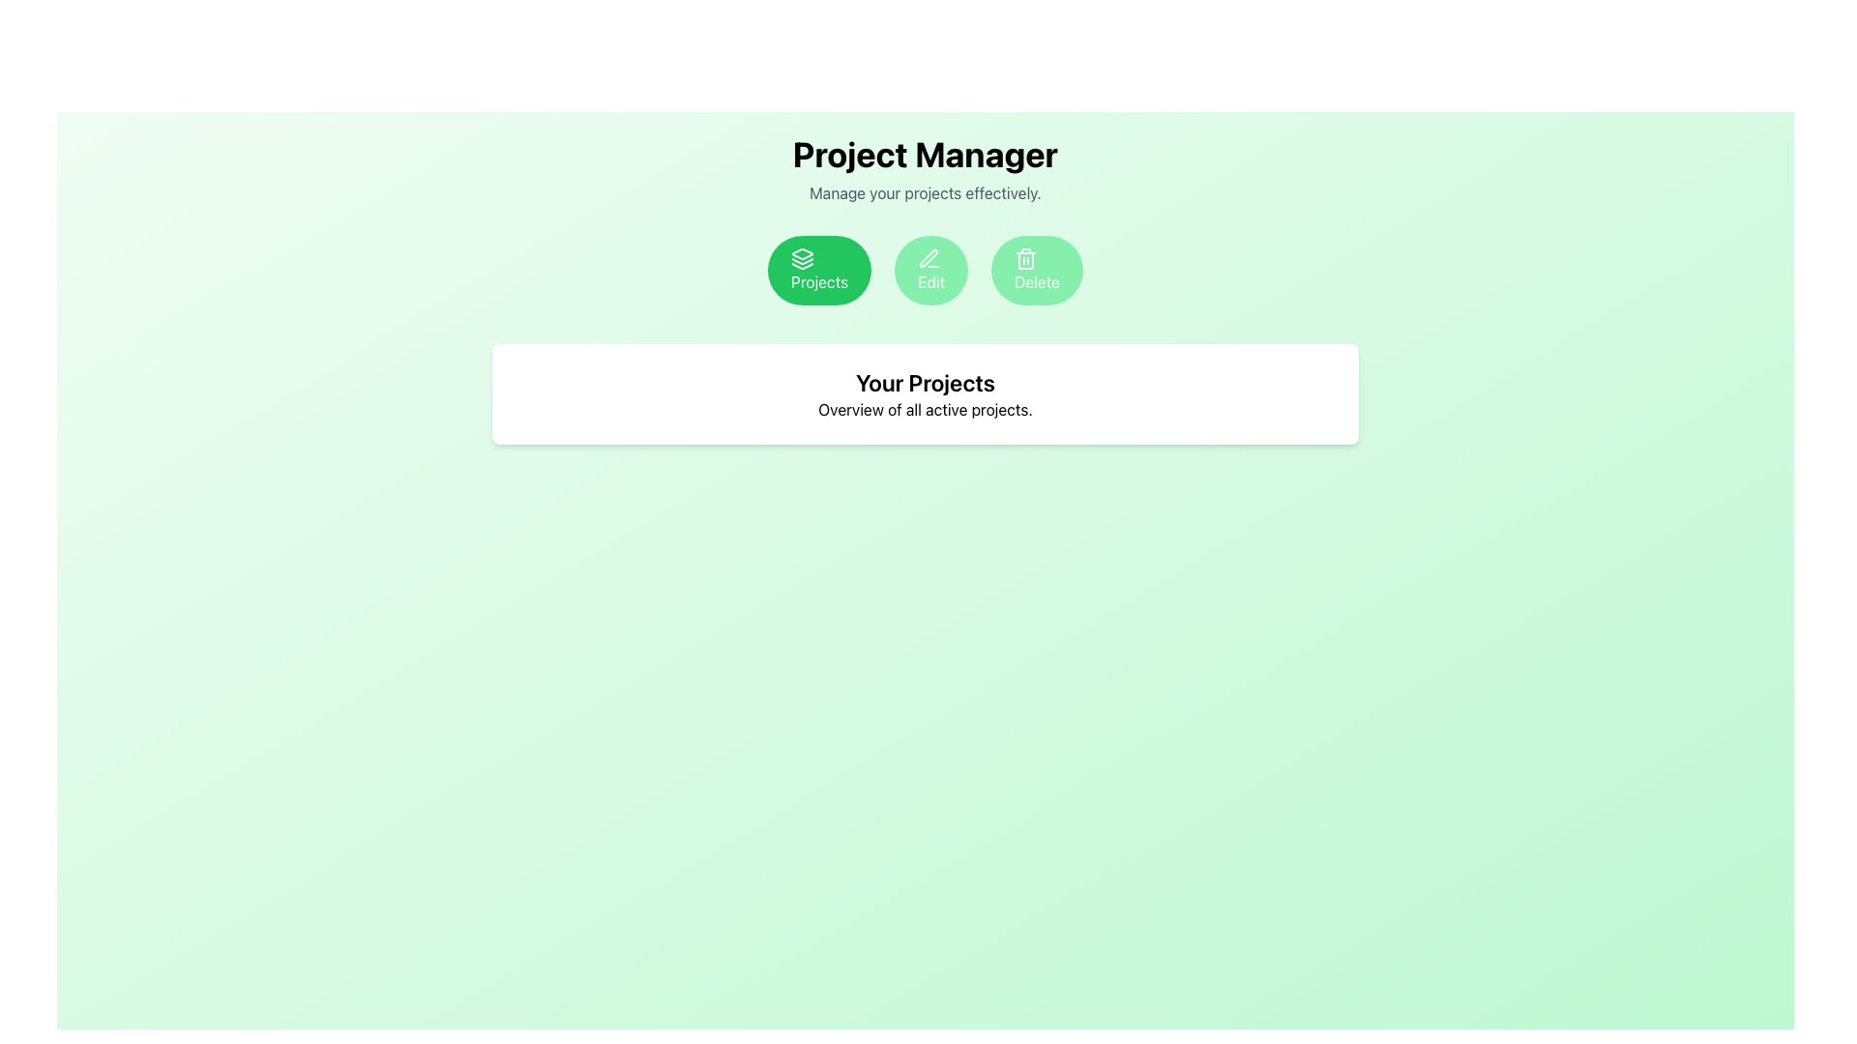 This screenshot has width=1857, height=1044. What do you see at coordinates (1024, 257) in the screenshot?
I see `the Trash Can icon within the green circular button, which represents the delete action and is the third button under the 'Project Manager' headline` at bounding box center [1024, 257].